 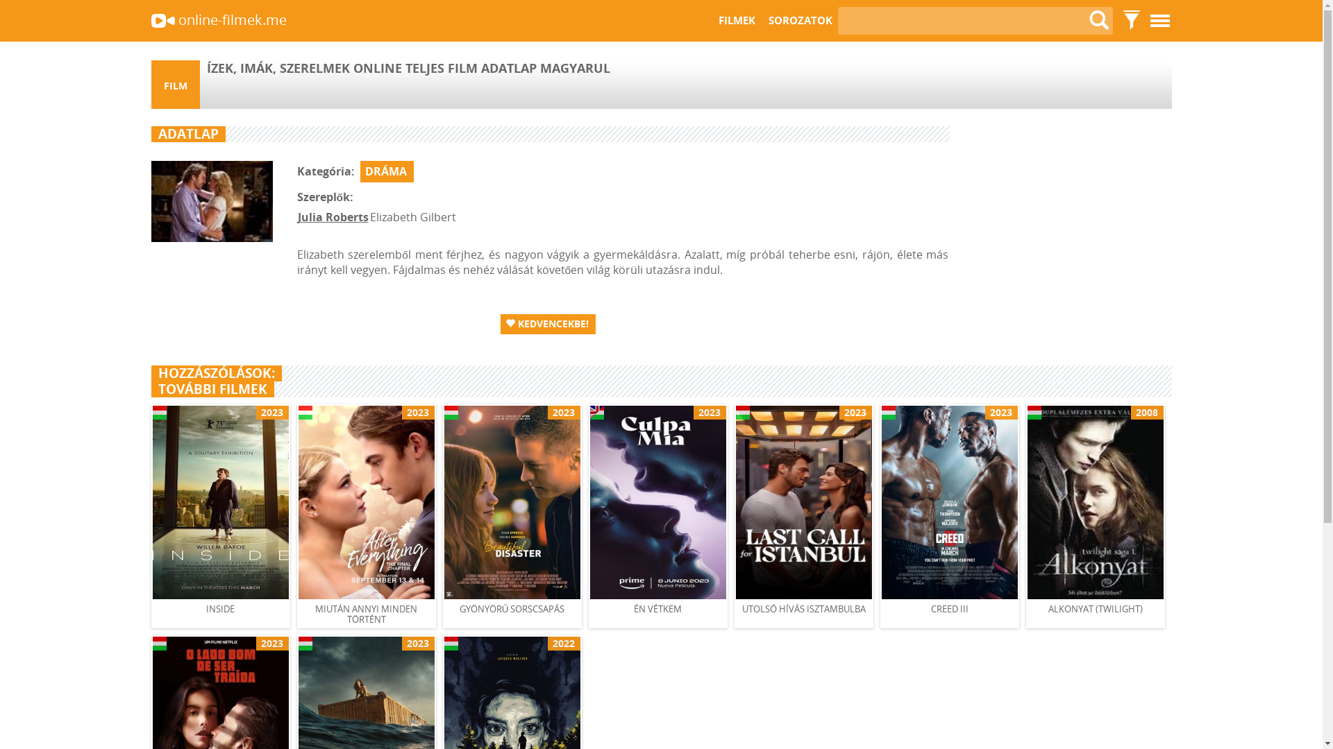 I want to click on 'Julia Roberts', so click(x=332, y=216).